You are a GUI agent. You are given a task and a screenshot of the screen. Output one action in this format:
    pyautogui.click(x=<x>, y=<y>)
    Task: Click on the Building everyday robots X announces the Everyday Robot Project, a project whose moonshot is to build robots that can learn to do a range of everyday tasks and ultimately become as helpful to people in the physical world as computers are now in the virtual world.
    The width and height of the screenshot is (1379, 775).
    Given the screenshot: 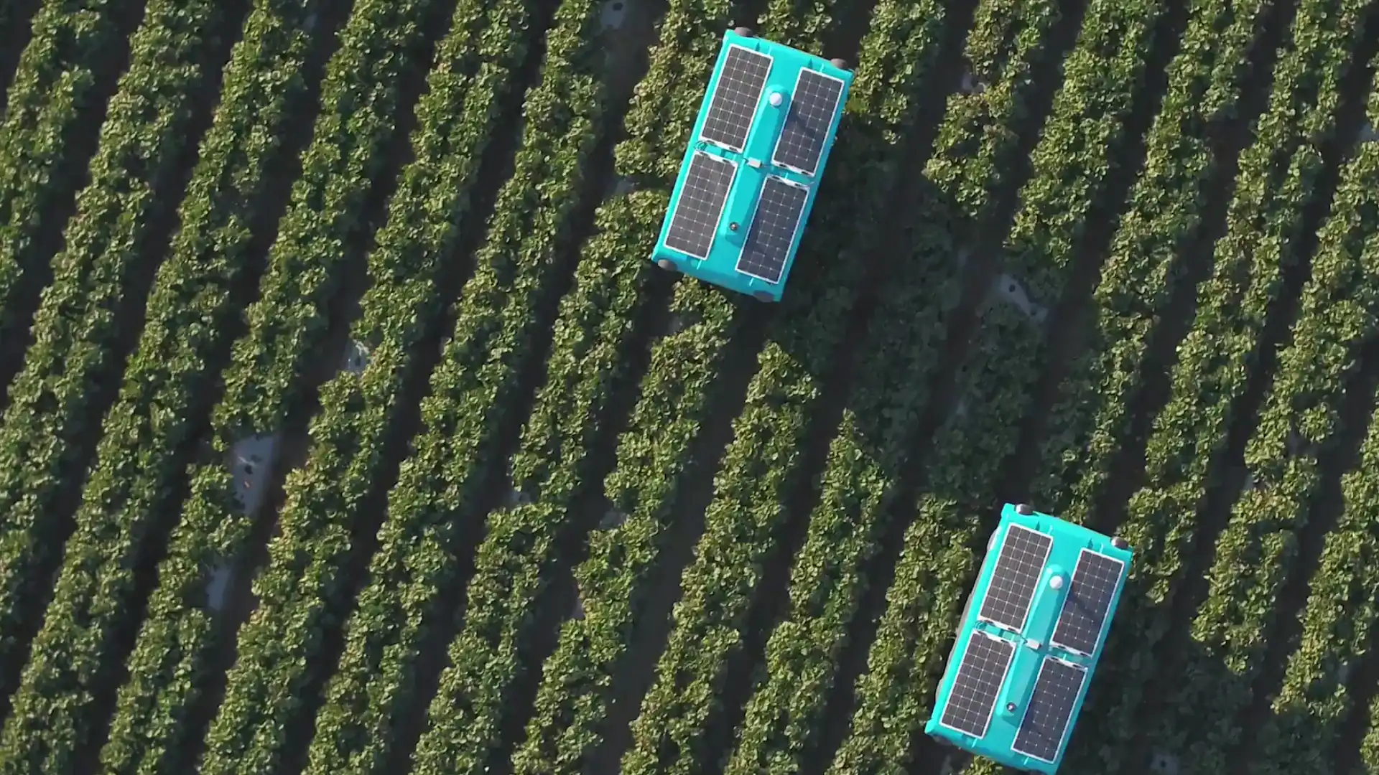 What is the action you would take?
    pyautogui.click(x=728, y=288)
    